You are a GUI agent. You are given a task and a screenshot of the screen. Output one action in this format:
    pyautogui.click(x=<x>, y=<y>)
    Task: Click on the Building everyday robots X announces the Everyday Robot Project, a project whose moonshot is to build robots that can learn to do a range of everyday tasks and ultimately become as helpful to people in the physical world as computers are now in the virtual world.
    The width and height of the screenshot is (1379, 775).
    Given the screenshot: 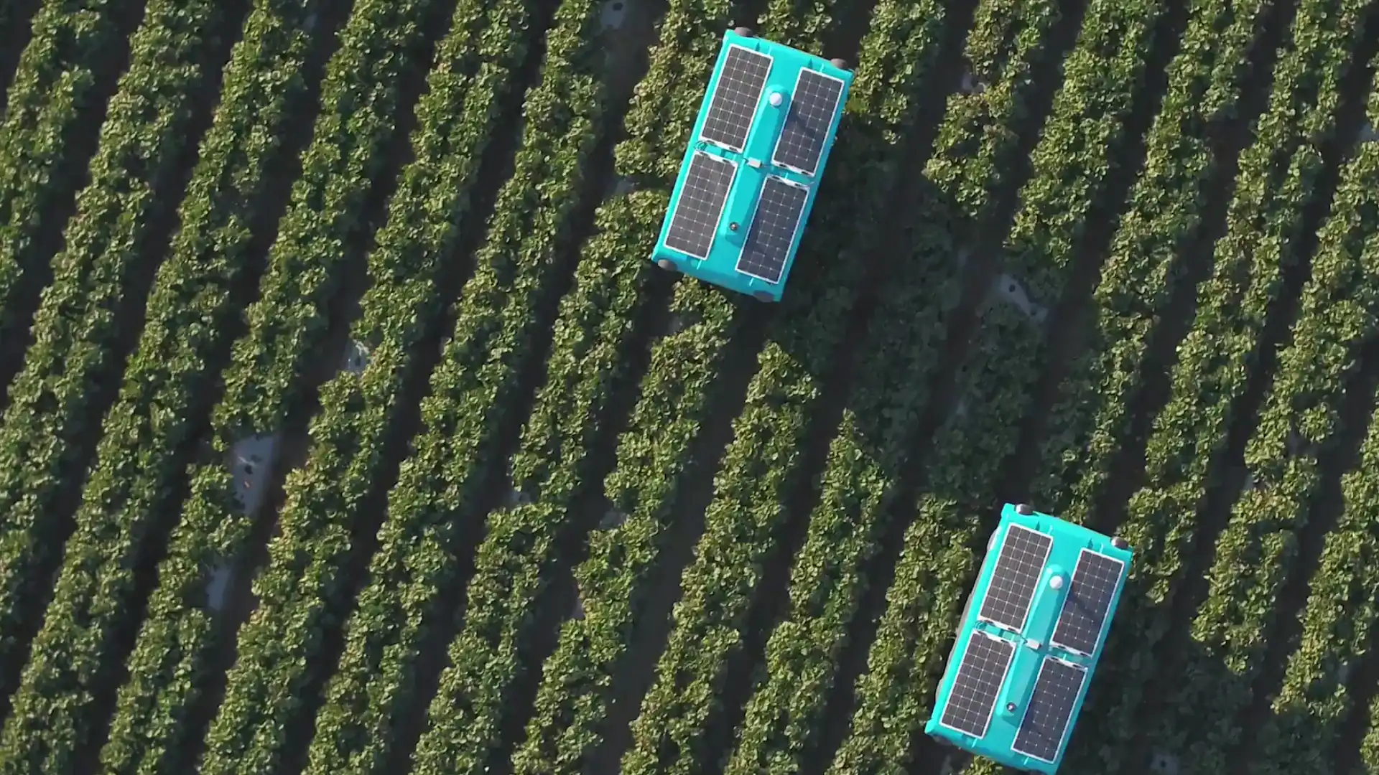 What is the action you would take?
    pyautogui.click(x=728, y=288)
    